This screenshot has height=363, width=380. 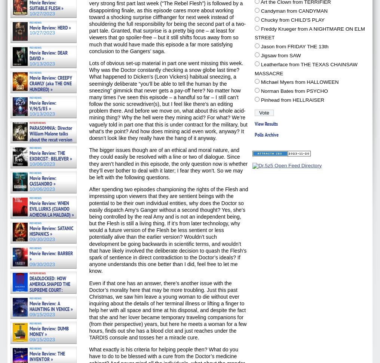 I want to click on 'View Results', so click(x=266, y=123).